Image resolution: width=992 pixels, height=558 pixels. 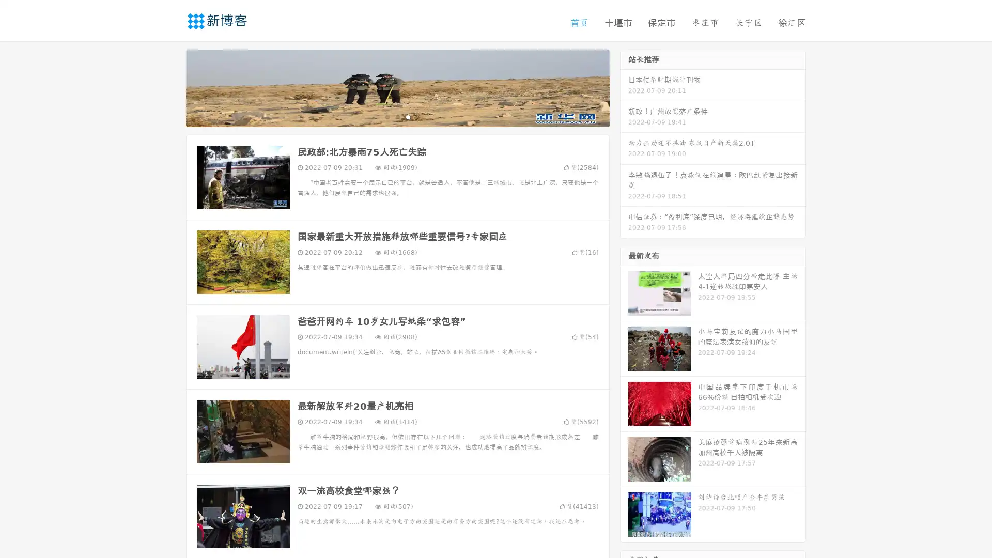 What do you see at coordinates (397, 116) in the screenshot?
I see `Go to slide 2` at bounding box center [397, 116].